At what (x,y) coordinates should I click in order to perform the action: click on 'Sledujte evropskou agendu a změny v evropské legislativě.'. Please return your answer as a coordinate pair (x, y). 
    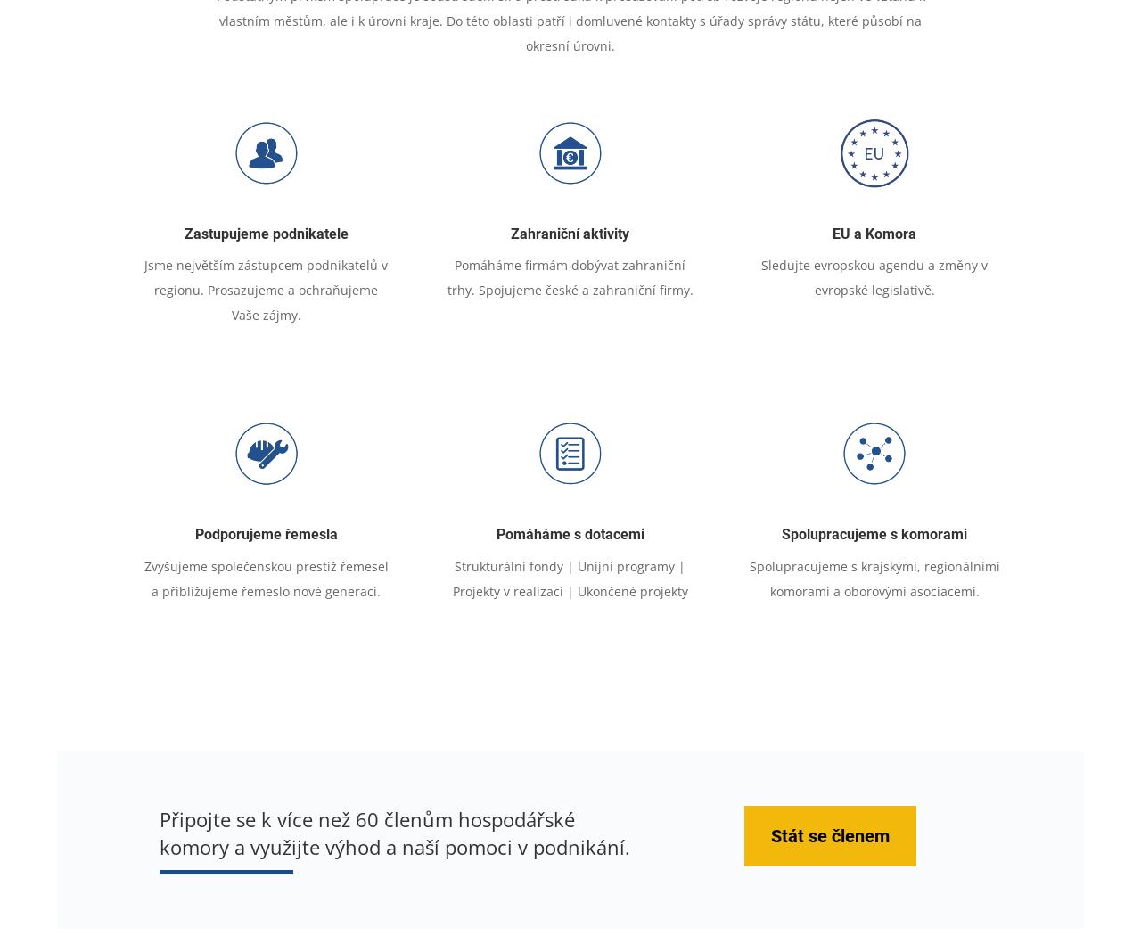
    Looking at the image, I should click on (874, 276).